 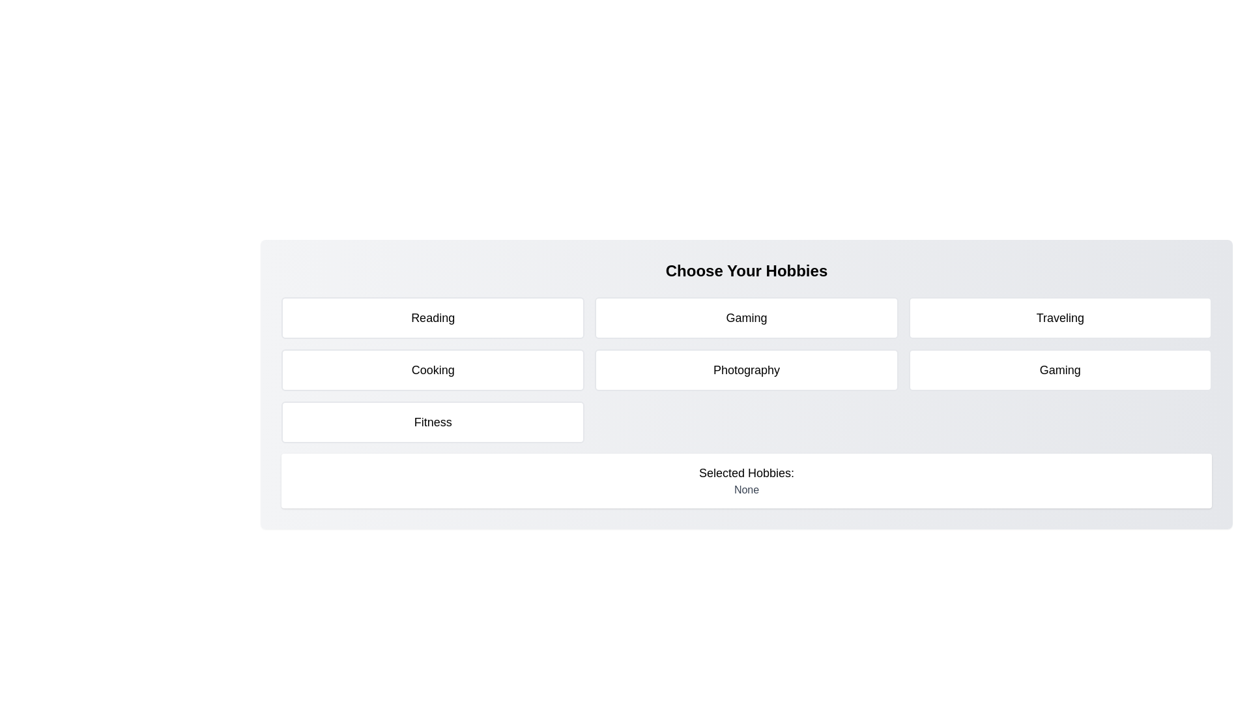 What do you see at coordinates (433, 370) in the screenshot?
I see `the tile representing the hobby Cooking to toggle its selection` at bounding box center [433, 370].